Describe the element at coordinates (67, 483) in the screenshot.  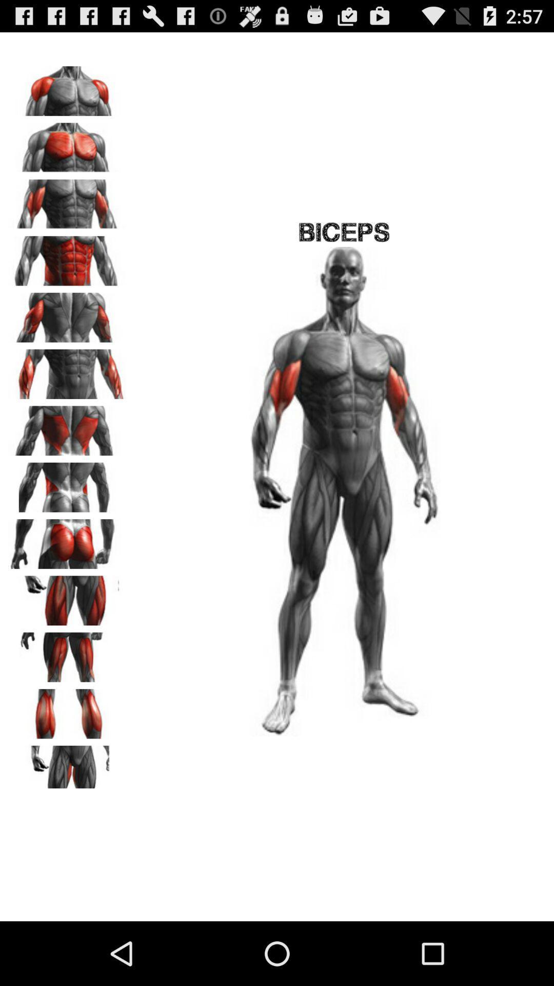
I see `body backside` at that location.